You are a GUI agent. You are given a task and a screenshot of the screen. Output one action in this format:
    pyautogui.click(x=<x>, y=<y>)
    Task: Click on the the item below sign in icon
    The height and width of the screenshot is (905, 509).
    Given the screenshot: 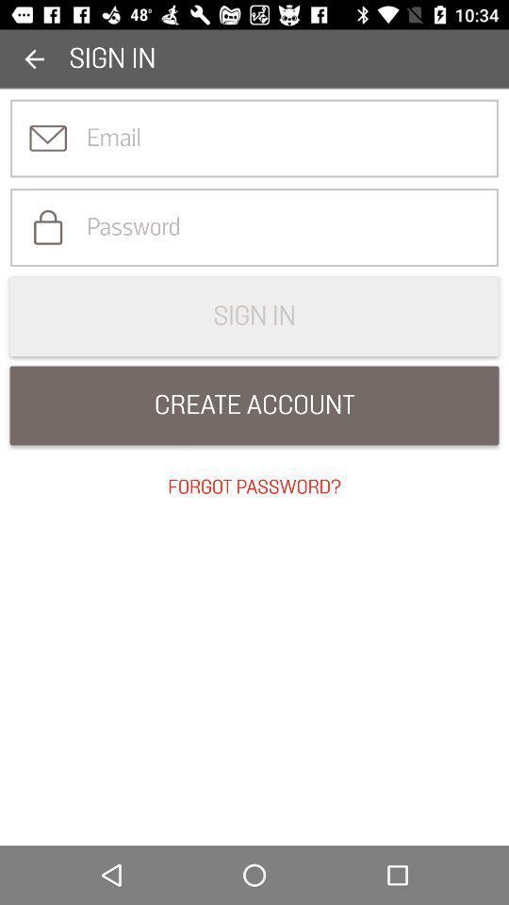 What is the action you would take?
    pyautogui.click(x=254, y=405)
    